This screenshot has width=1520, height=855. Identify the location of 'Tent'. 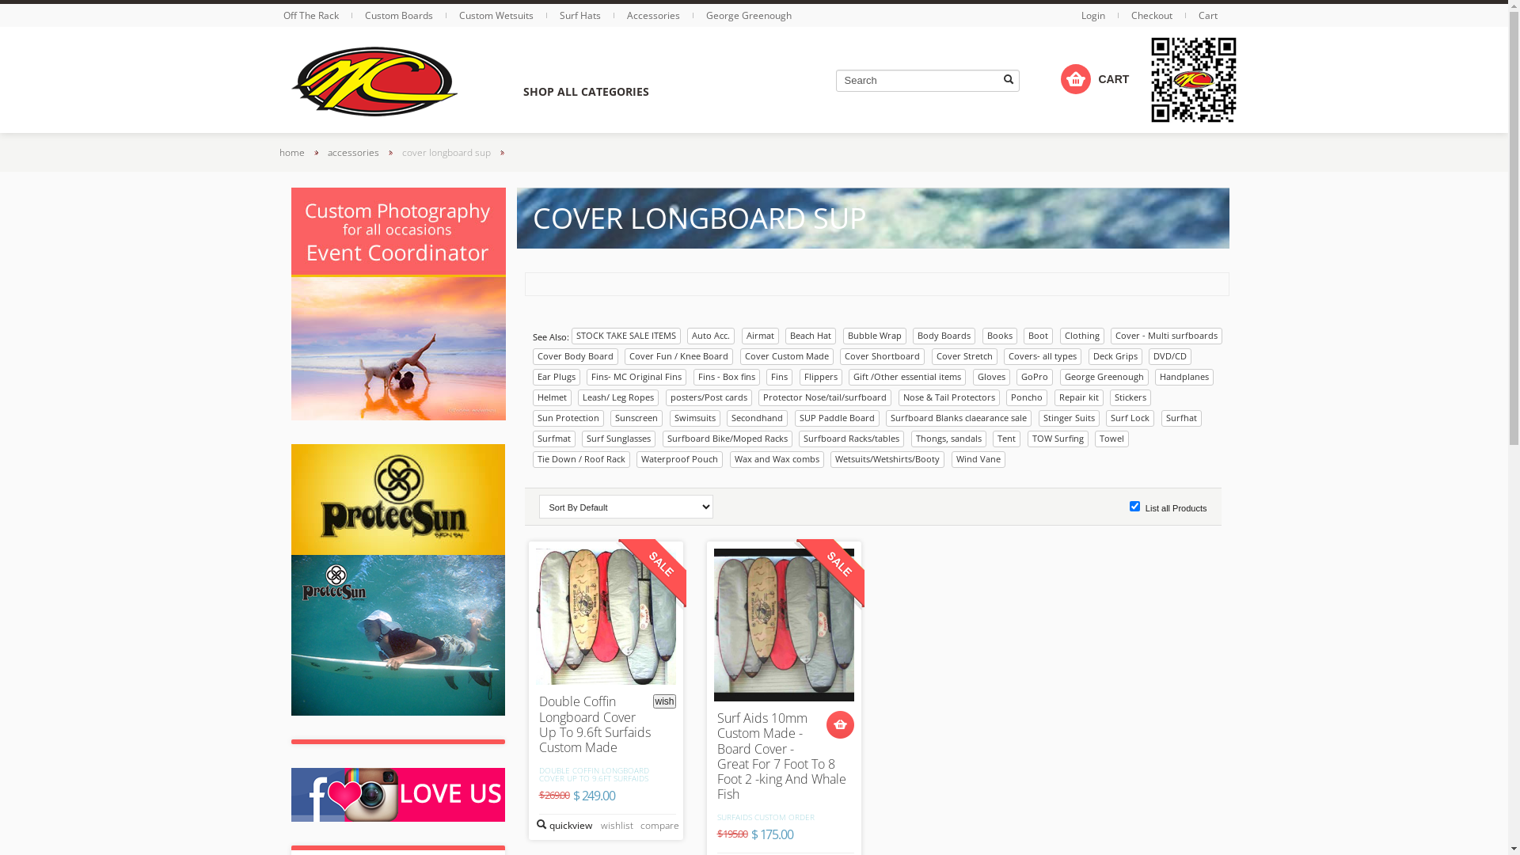
(1005, 439).